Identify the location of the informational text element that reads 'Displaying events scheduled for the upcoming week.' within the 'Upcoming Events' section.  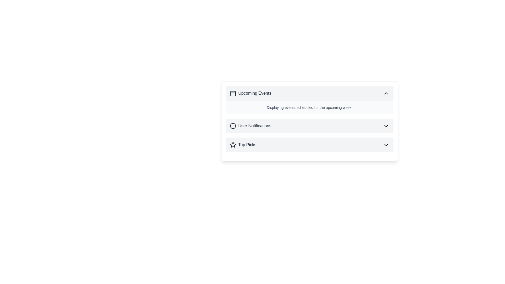
(309, 107).